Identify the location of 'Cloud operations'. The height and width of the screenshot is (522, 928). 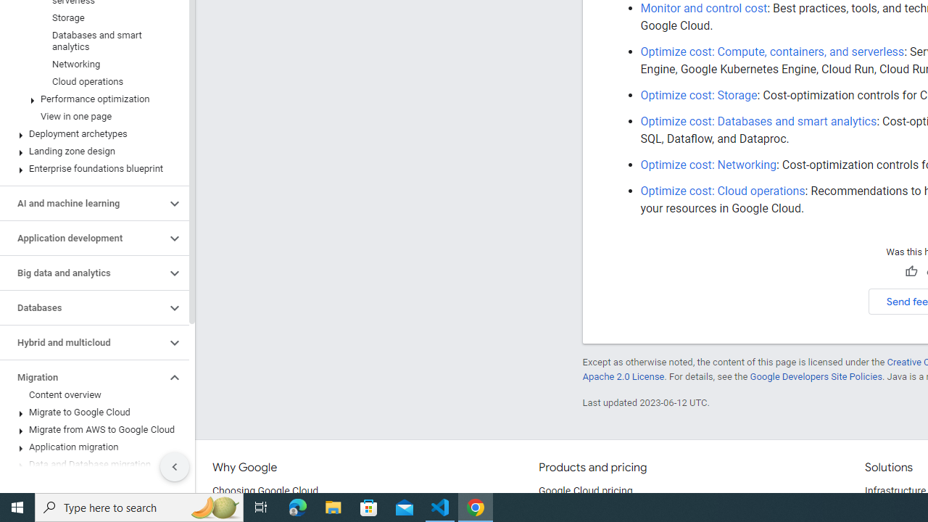
(91, 82).